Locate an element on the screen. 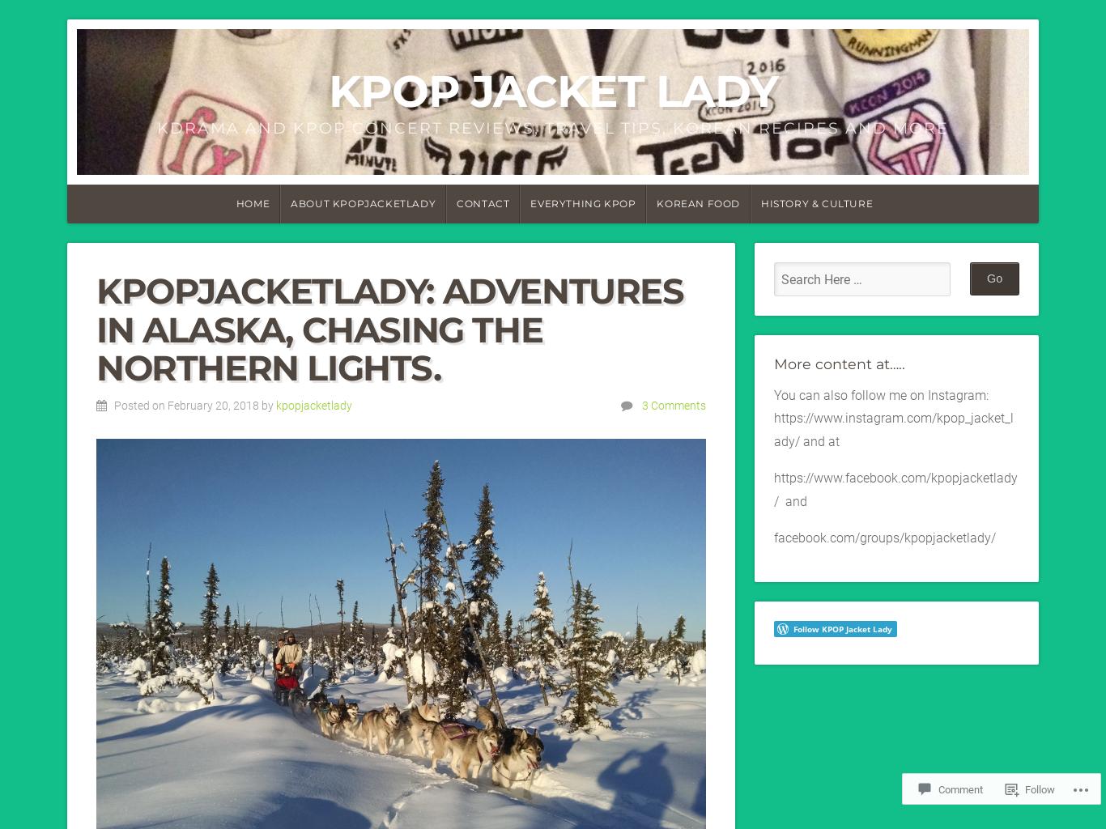  'facebook.com/groups/kpopjacketlady/' is located at coordinates (774, 536).